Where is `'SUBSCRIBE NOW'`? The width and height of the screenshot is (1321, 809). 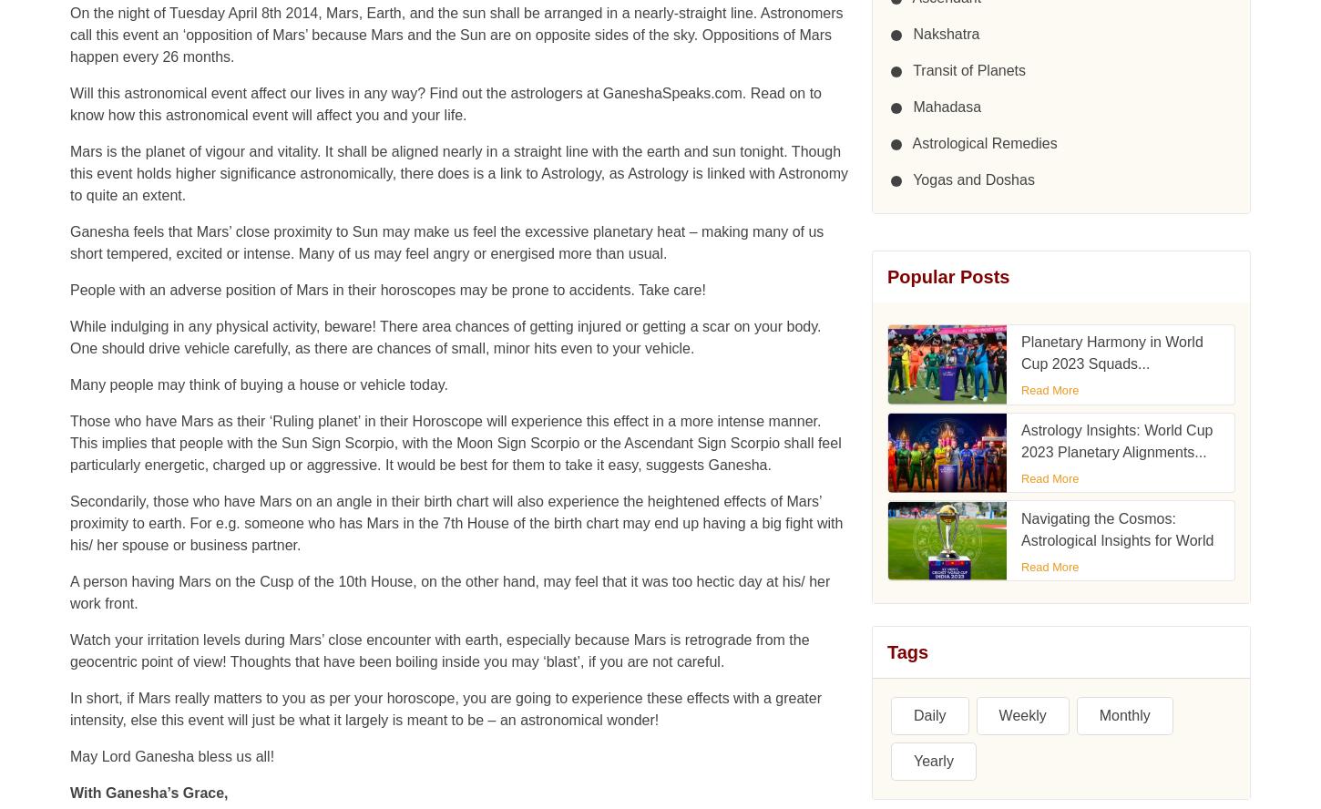
'SUBSCRIBE NOW' is located at coordinates (949, 463).